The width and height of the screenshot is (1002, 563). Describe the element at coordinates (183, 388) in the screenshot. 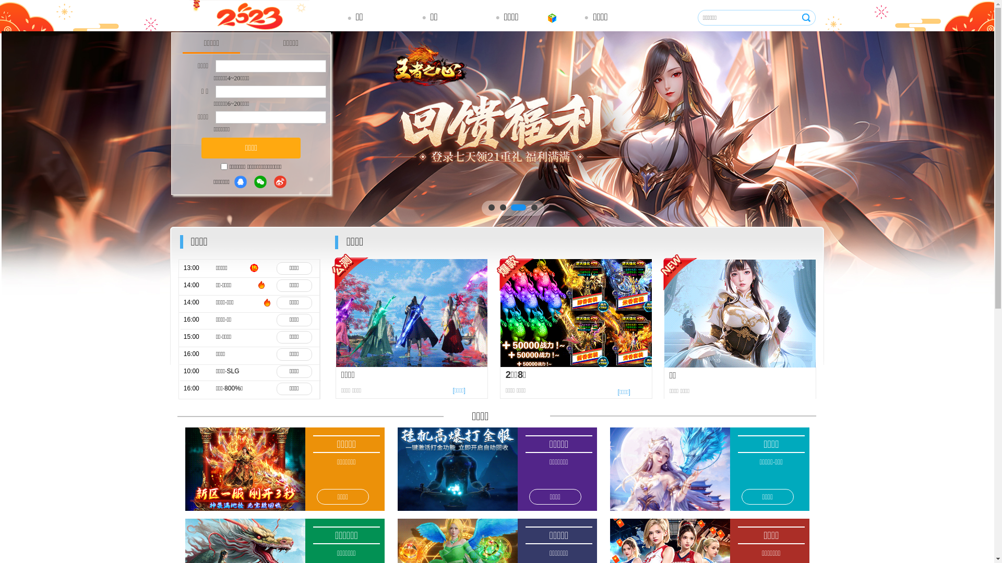

I see `'16:00'` at that location.